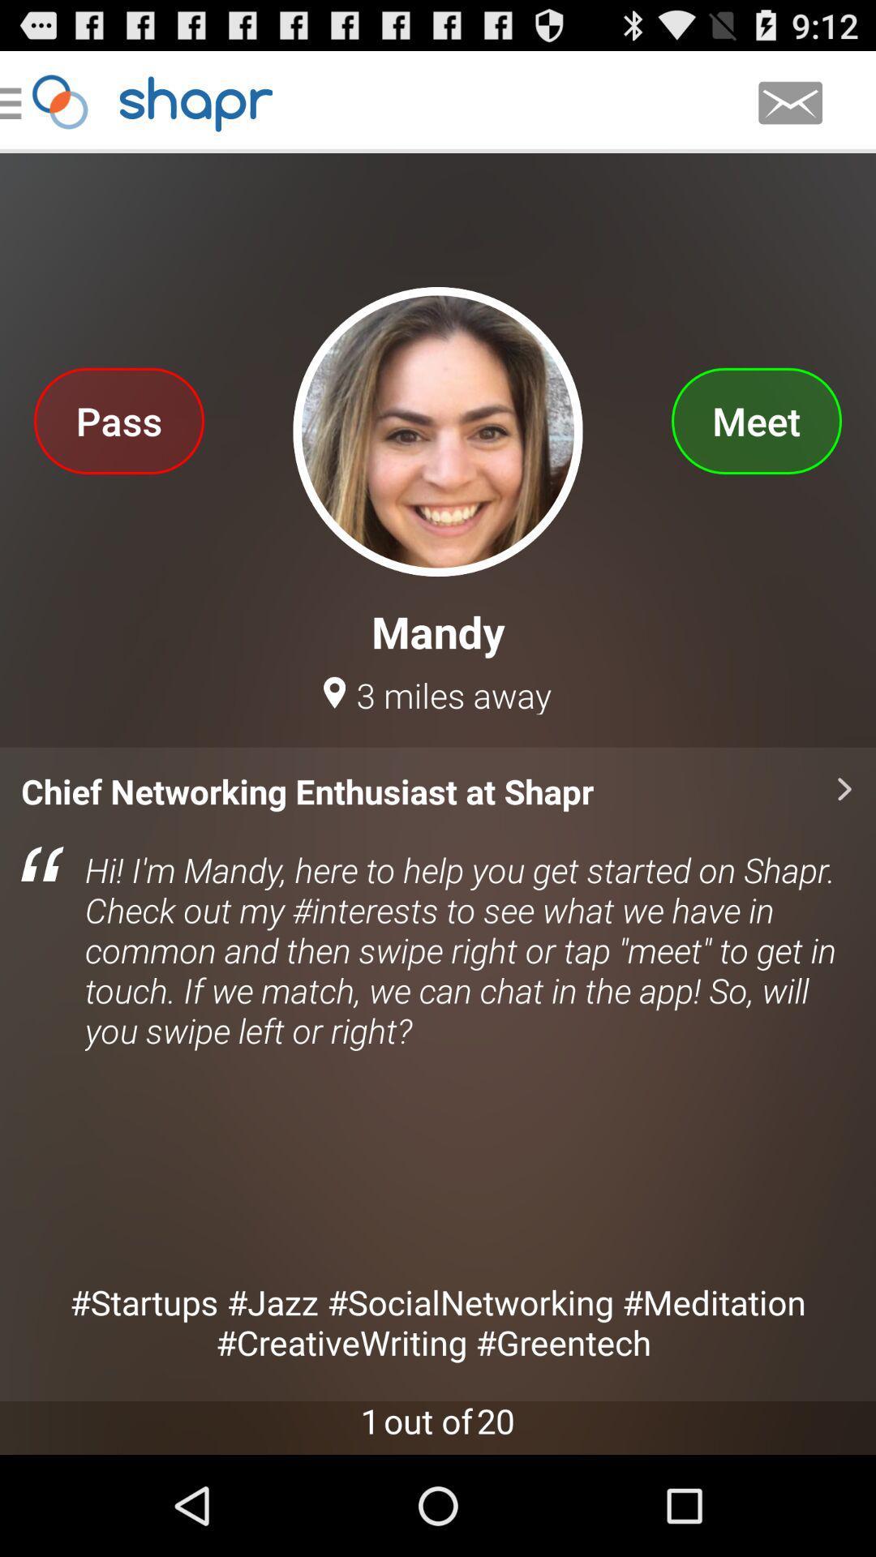  Describe the element at coordinates (118, 420) in the screenshot. I see `the icon above the mandy icon` at that location.